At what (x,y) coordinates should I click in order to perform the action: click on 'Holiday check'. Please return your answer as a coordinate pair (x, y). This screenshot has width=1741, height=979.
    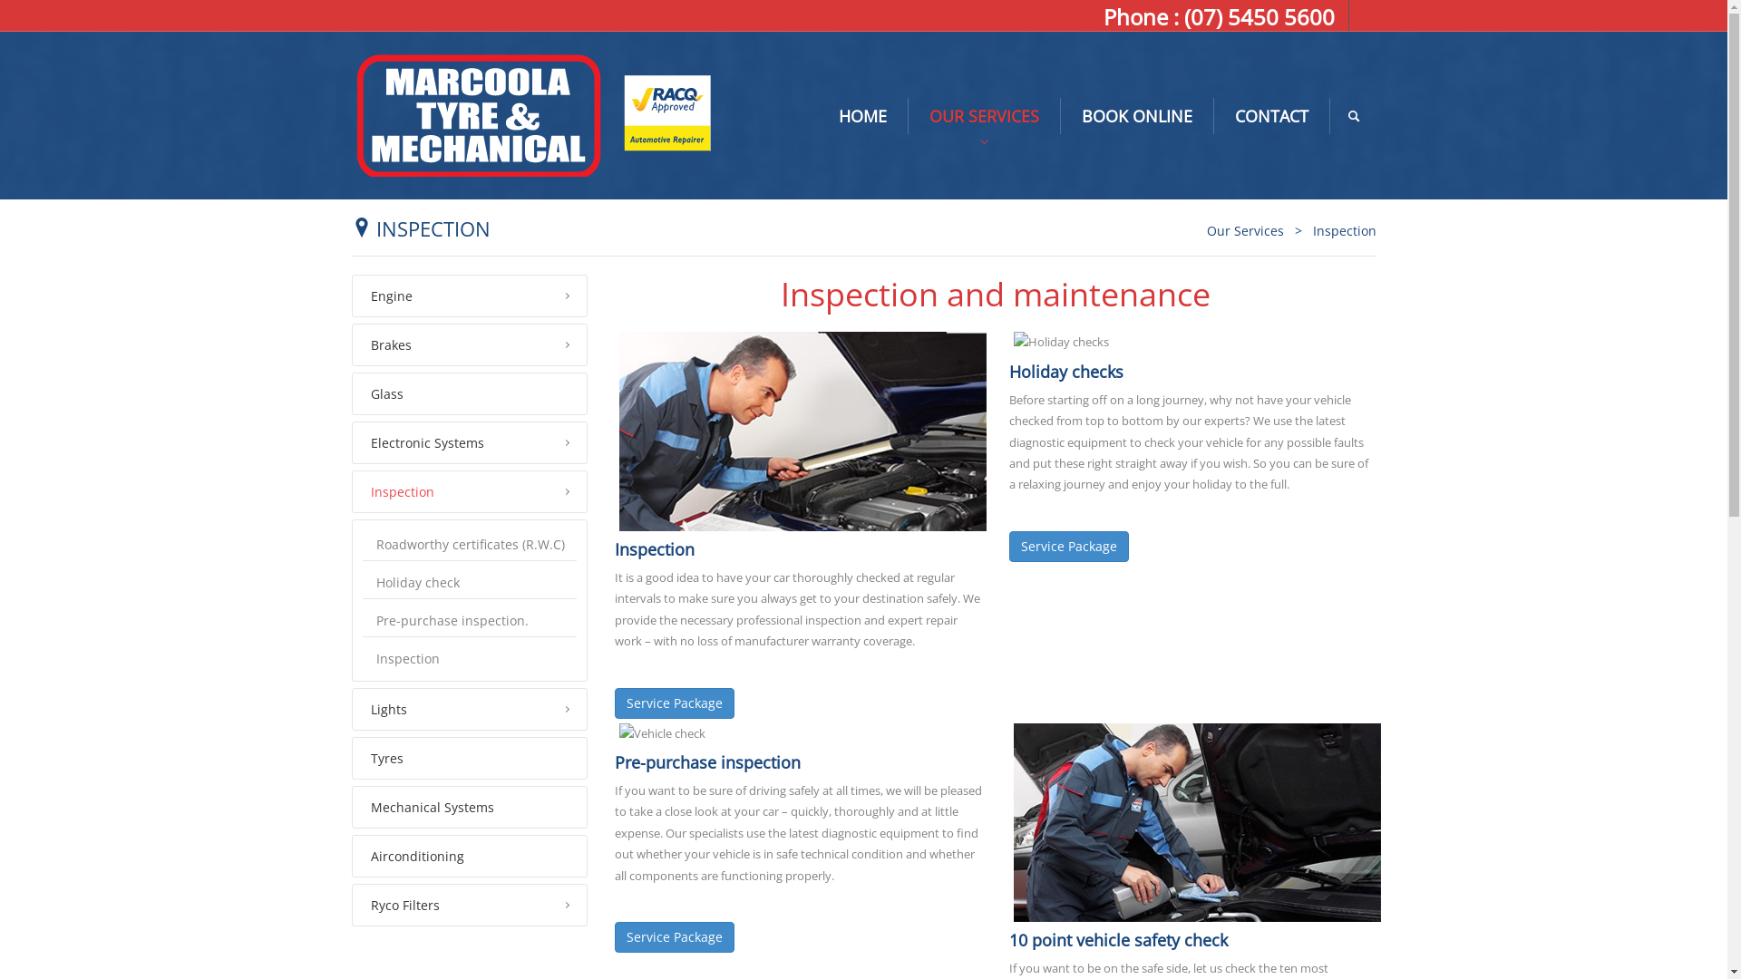
    Looking at the image, I should click on (470, 583).